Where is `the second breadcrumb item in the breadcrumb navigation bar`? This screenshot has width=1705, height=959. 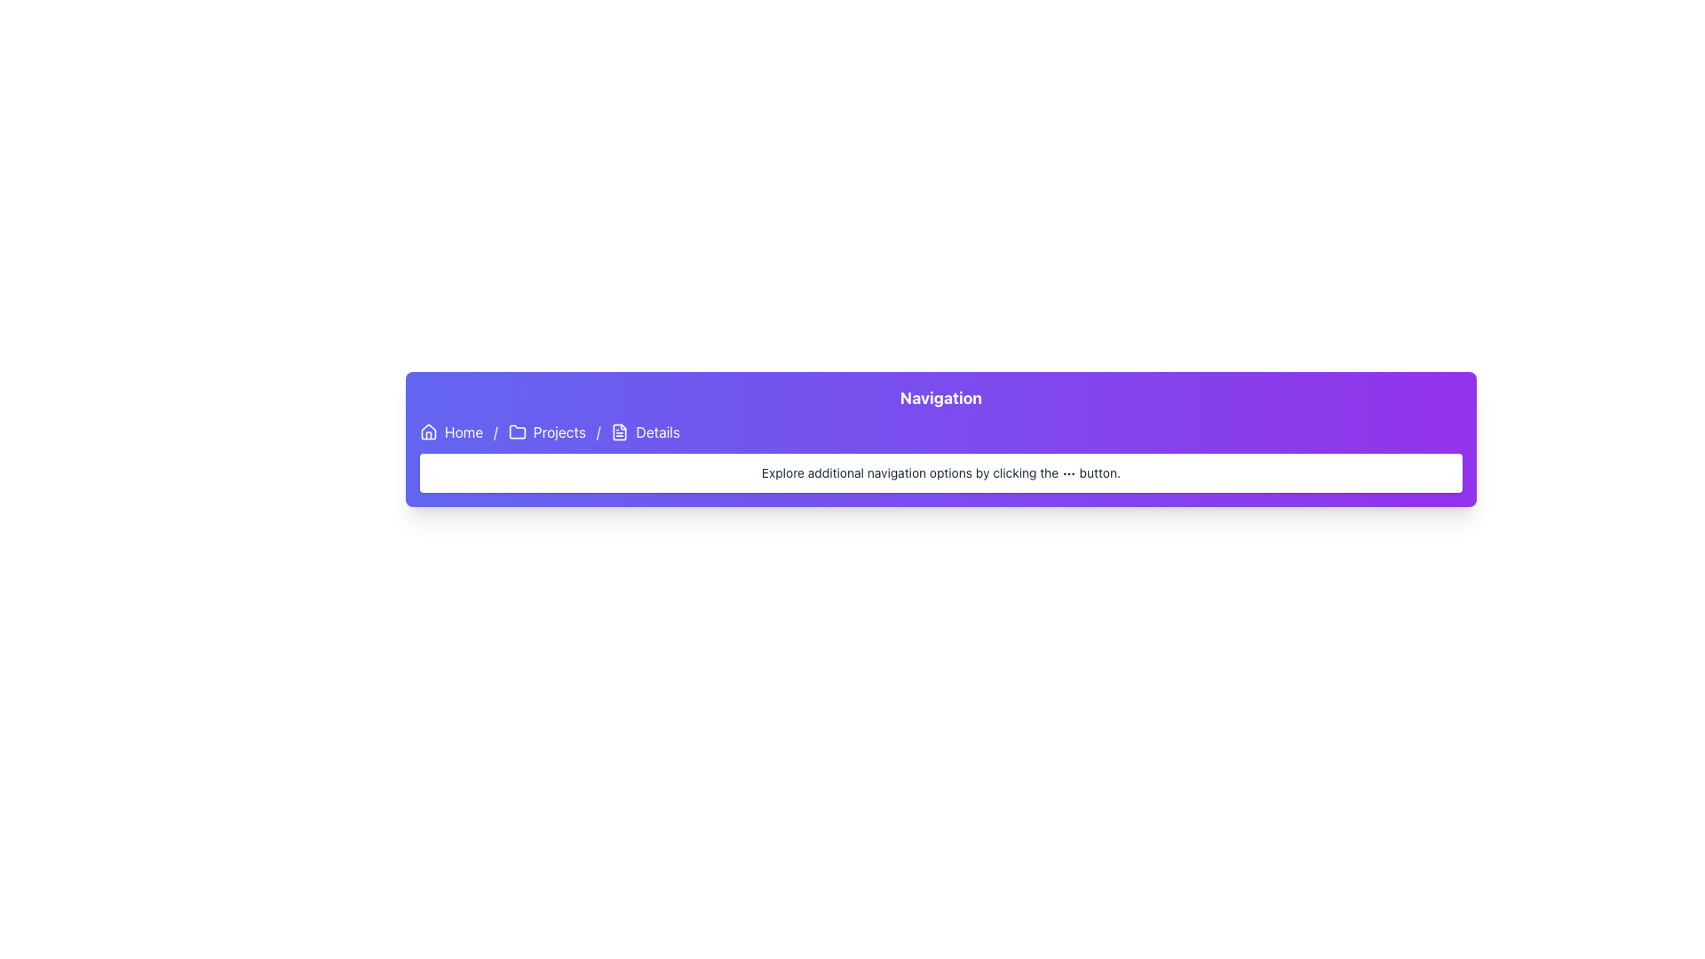
the second breadcrumb item in the breadcrumb navigation bar is located at coordinates (546, 432).